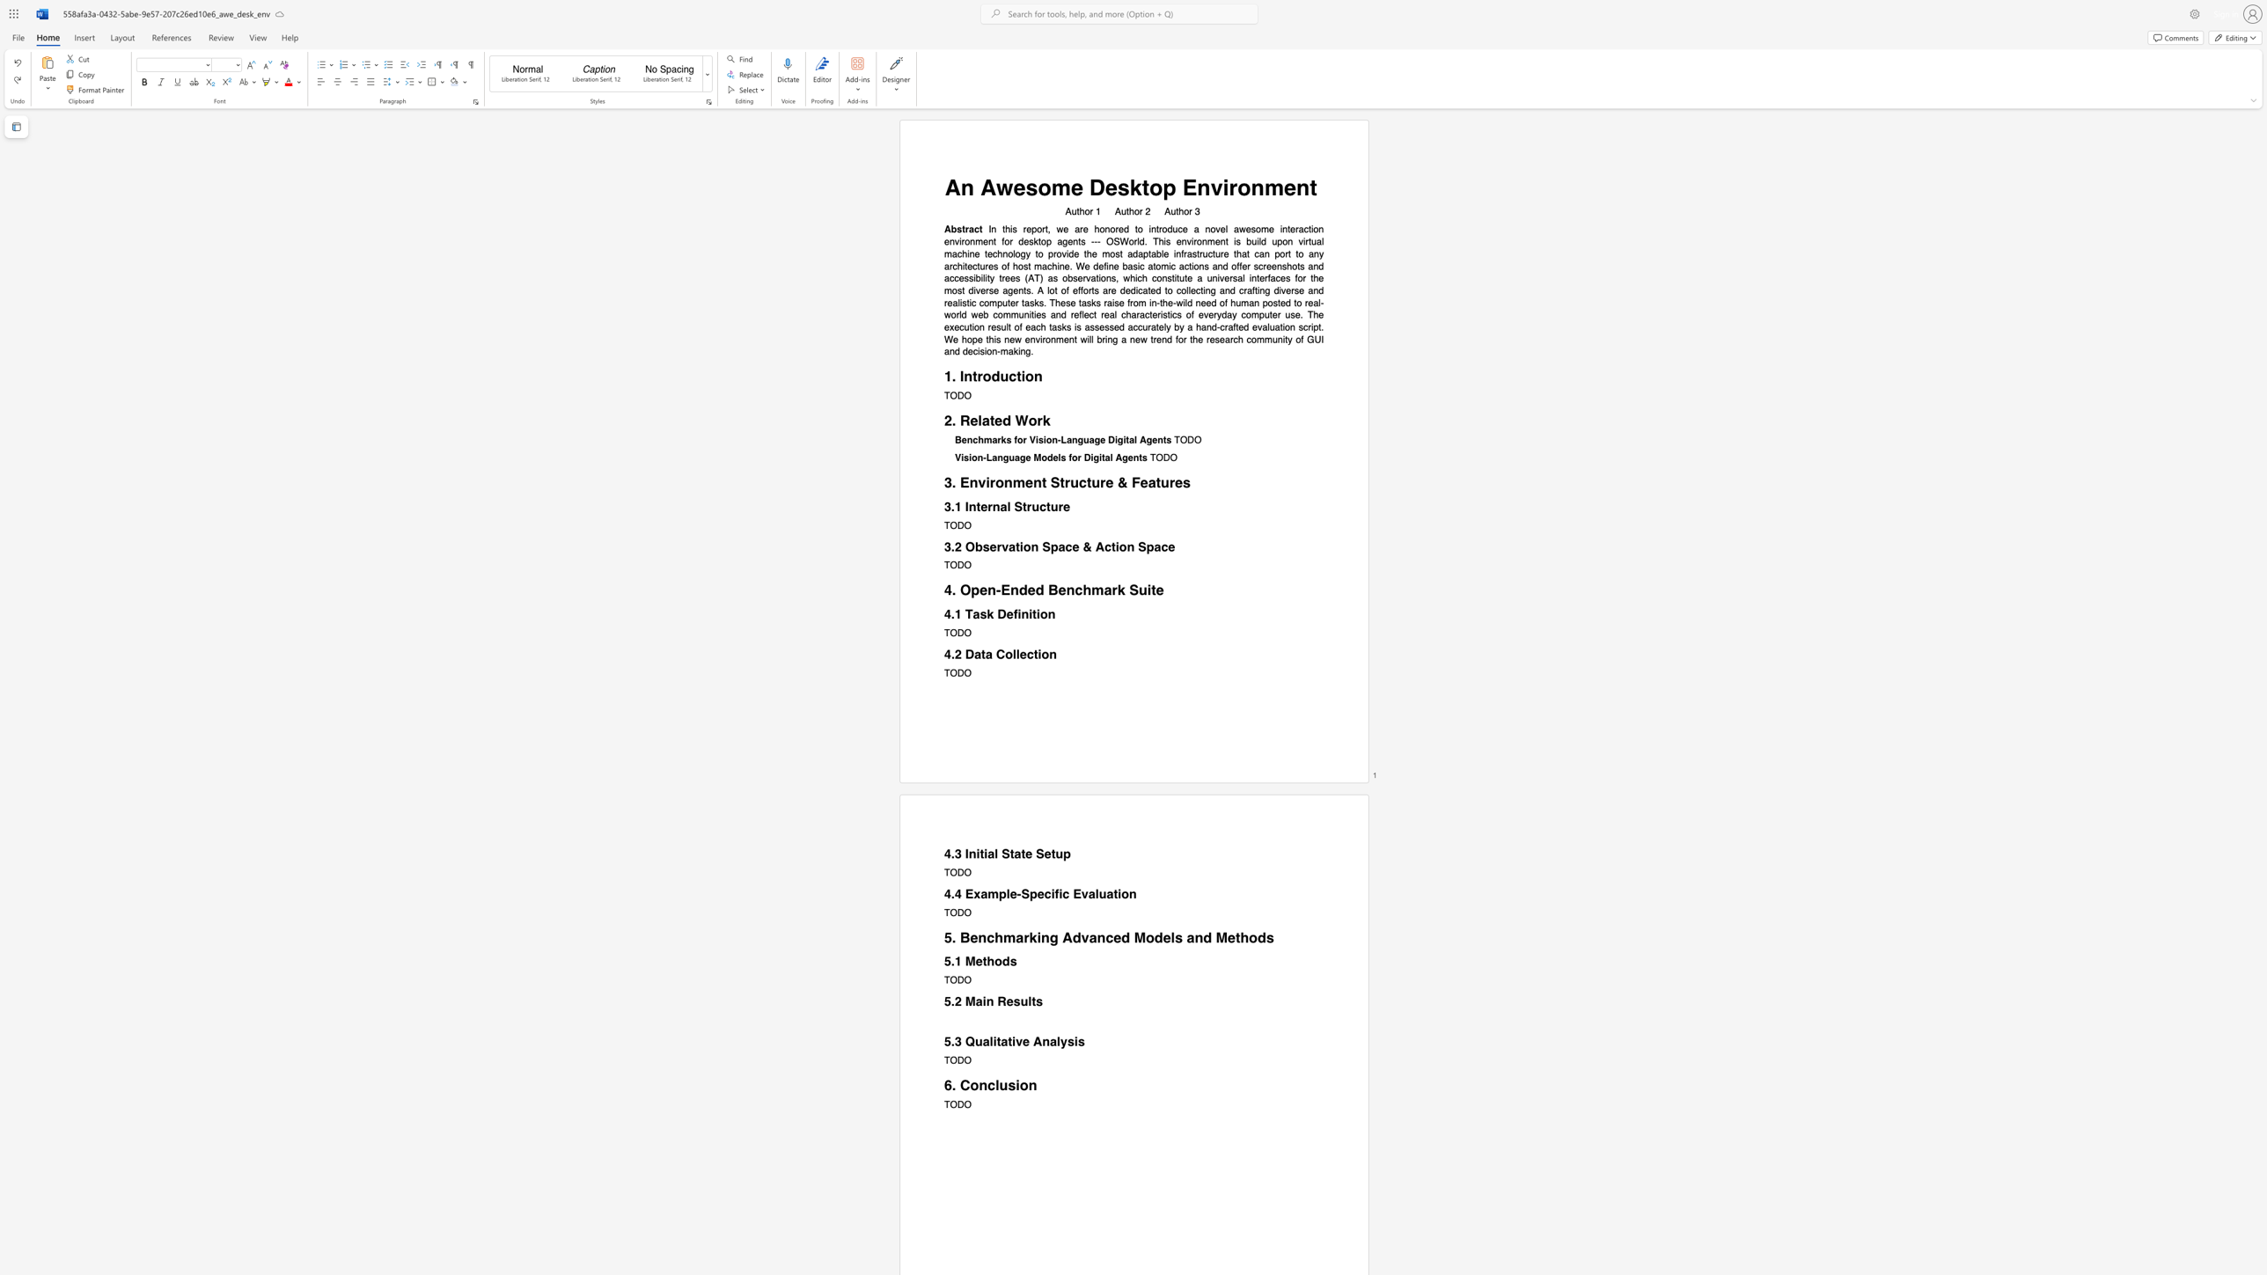 Image resolution: width=2267 pixels, height=1275 pixels. What do you see at coordinates (1136, 481) in the screenshot?
I see `the 1th character "F" in the text` at bounding box center [1136, 481].